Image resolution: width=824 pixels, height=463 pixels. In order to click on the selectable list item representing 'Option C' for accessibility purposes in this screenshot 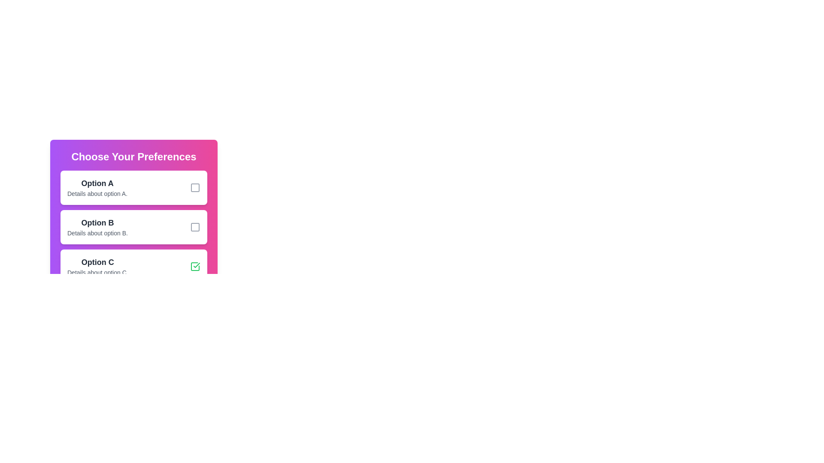, I will do `click(97, 266)`.